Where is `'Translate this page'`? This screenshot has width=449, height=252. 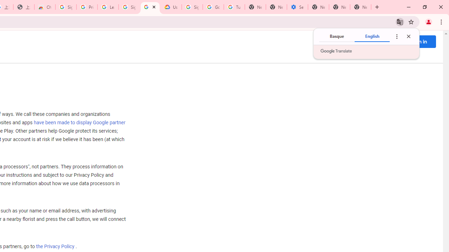
'Translate this page' is located at coordinates (400, 21).